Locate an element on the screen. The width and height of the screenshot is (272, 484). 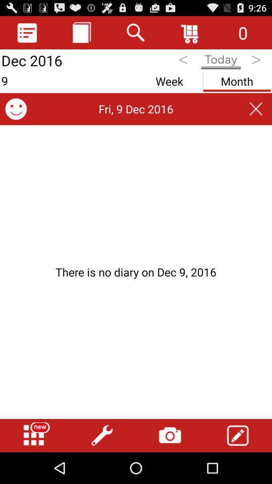
go back is located at coordinates (184, 61).